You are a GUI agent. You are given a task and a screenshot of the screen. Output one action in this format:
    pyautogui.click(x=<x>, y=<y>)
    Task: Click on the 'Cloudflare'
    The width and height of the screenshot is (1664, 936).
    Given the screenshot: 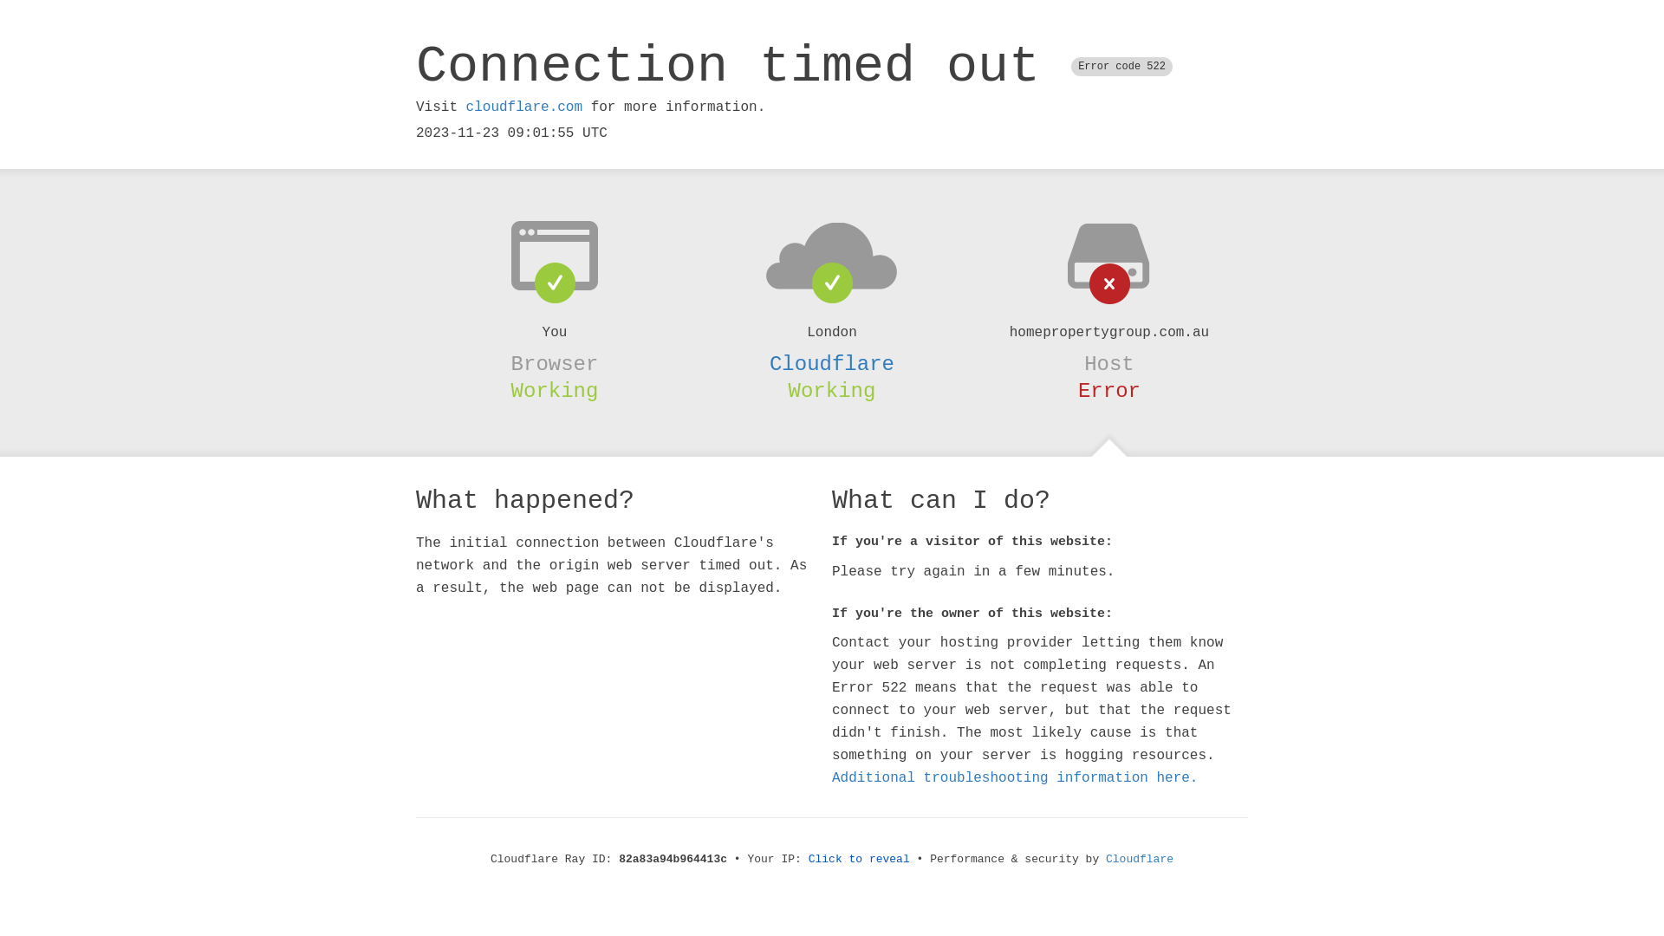 What is the action you would take?
    pyautogui.click(x=832, y=363)
    